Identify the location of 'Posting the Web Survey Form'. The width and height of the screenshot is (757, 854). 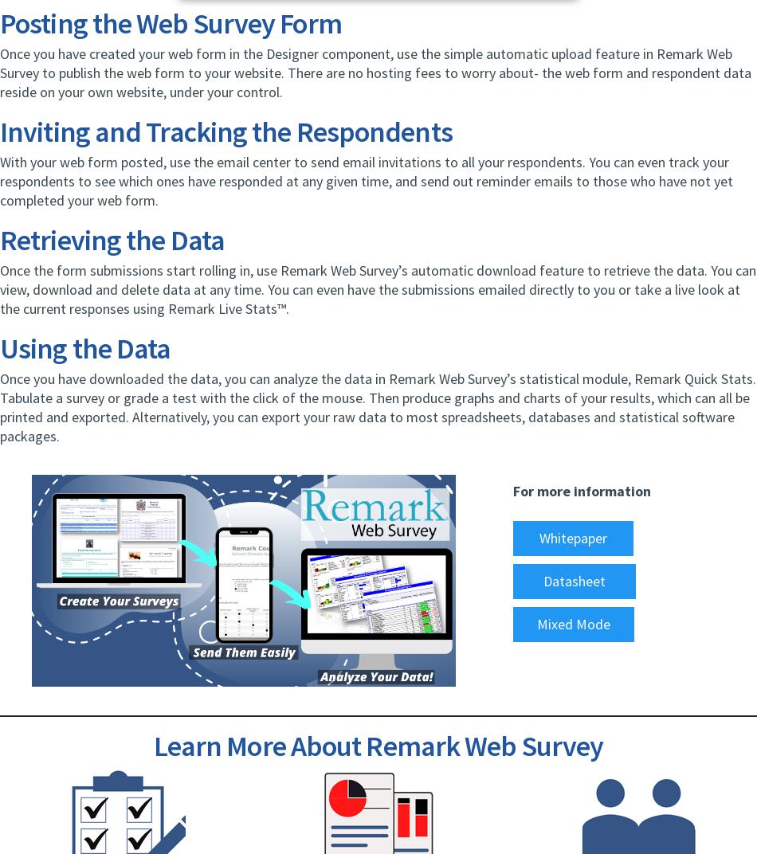
(171, 22).